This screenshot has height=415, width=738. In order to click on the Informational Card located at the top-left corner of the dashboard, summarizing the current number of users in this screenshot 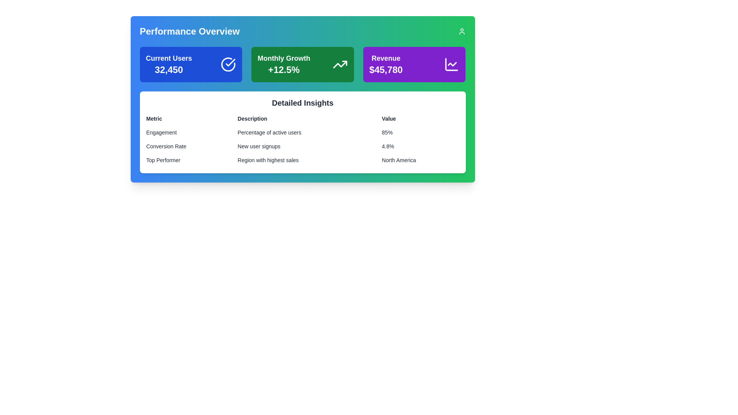, I will do `click(191, 64)`.